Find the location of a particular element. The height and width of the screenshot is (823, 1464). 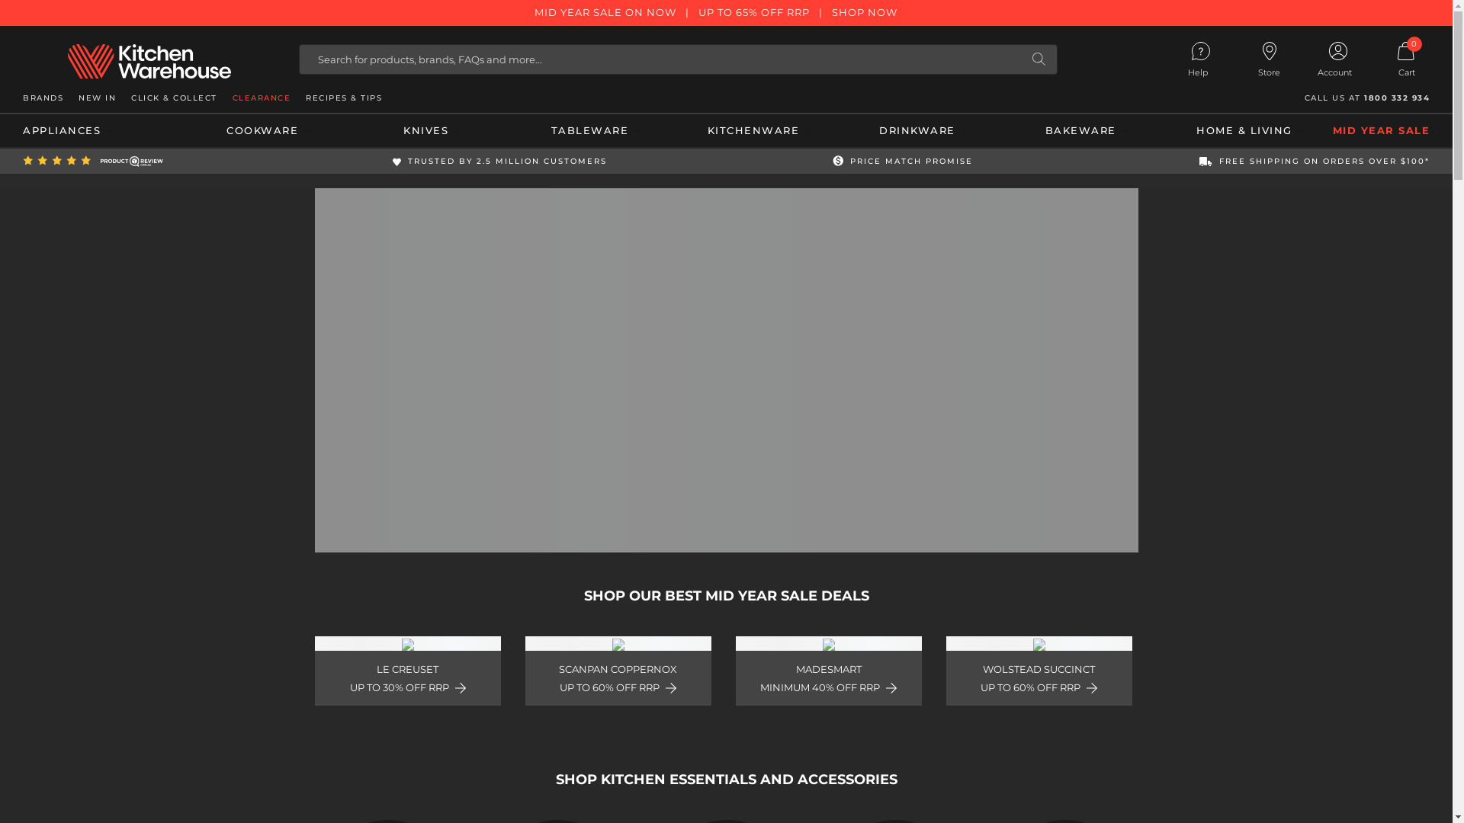

'BRANDS' is located at coordinates (43, 98).